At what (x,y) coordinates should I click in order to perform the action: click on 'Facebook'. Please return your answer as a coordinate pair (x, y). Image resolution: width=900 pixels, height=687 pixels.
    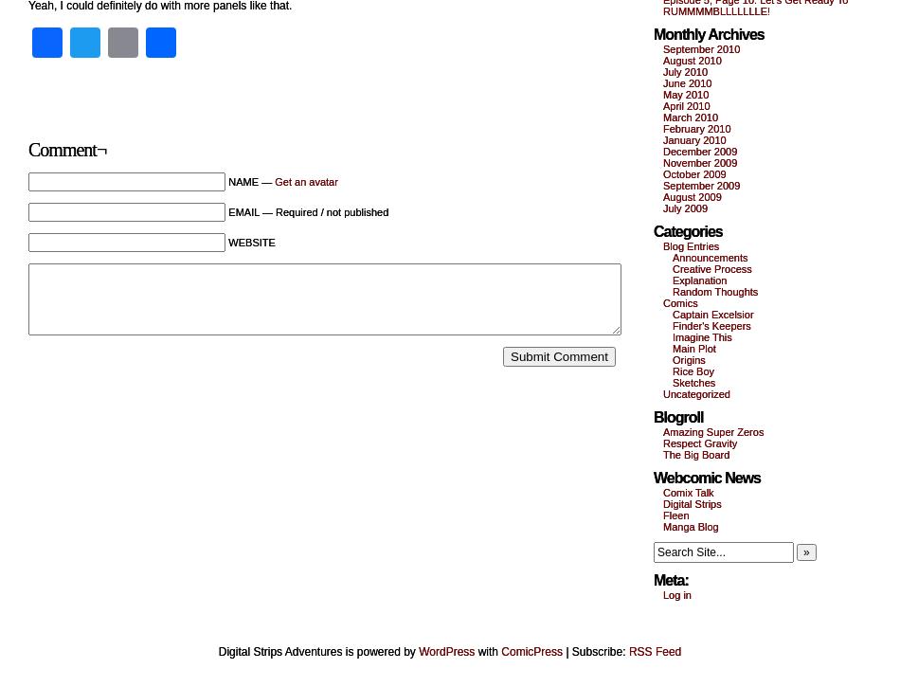
    Looking at the image, I should click on (129, 43).